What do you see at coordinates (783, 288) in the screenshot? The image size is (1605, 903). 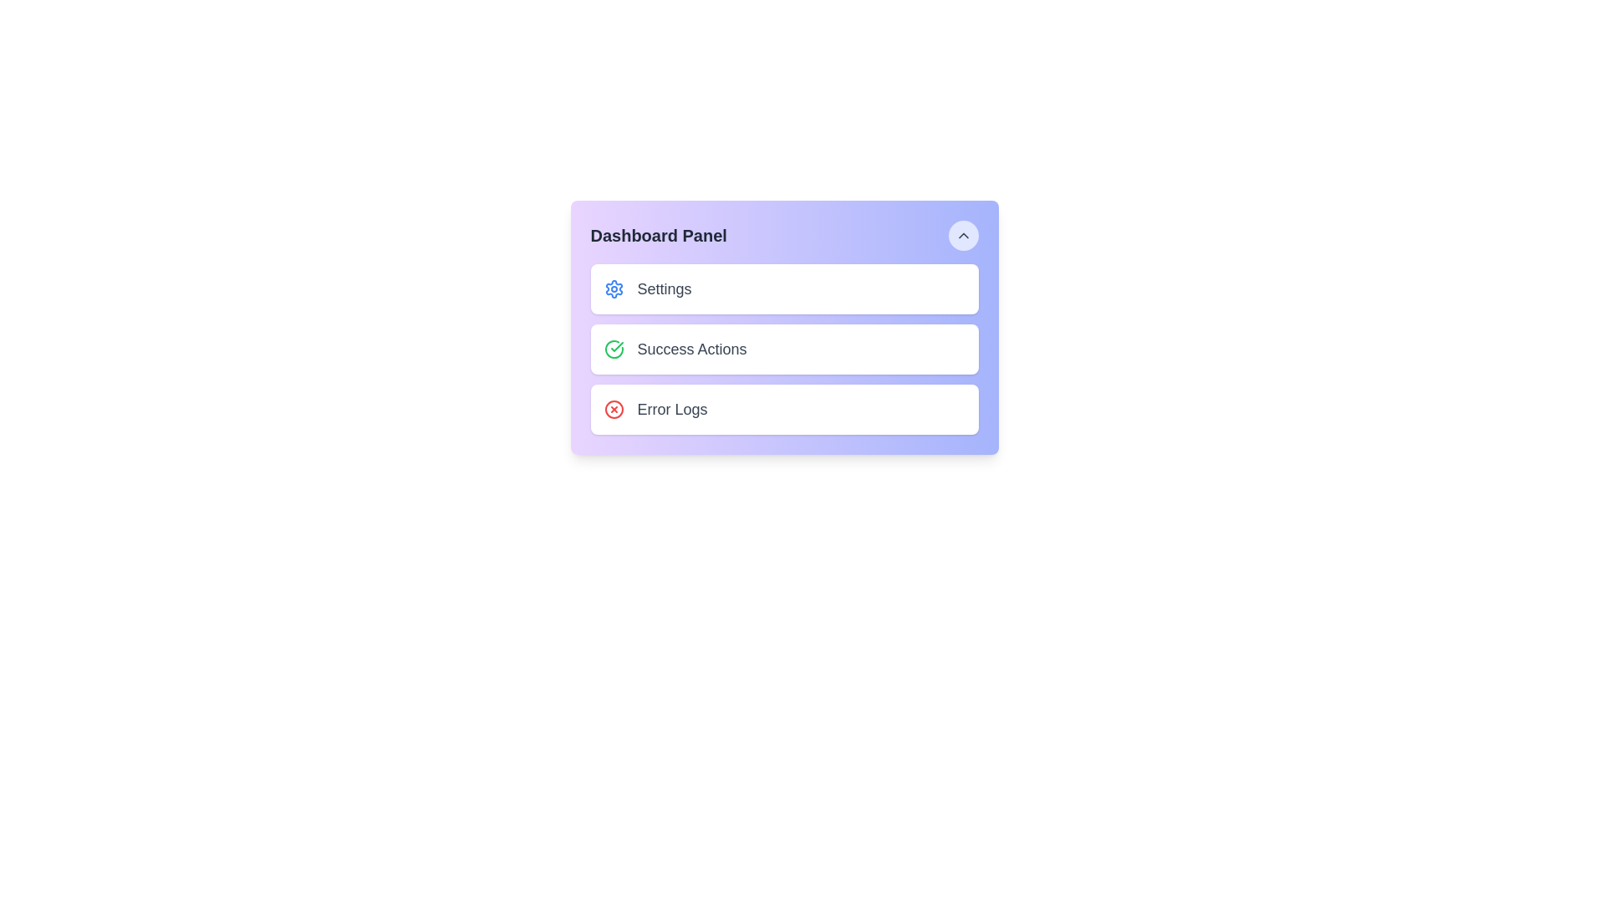 I see `the button that navigates to the settings page, positioned at the top of the button list on a purple background` at bounding box center [783, 288].